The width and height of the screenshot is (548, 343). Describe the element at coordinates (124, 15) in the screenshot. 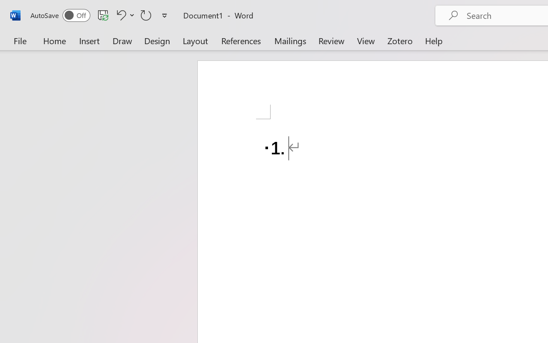

I see `'Undo Number Default'` at that location.